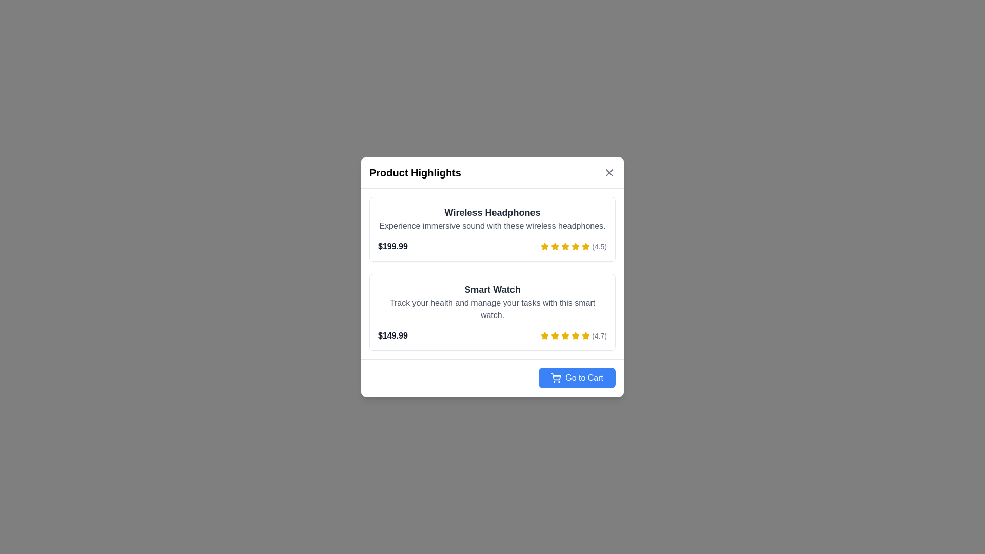 This screenshot has height=554, width=985. What do you see at coordinates (565, 246) in the screenshot?
I see `the first star icon in the second row of the product rating system, which visually represents one unit of a rating` at bounding box center [565, 246].